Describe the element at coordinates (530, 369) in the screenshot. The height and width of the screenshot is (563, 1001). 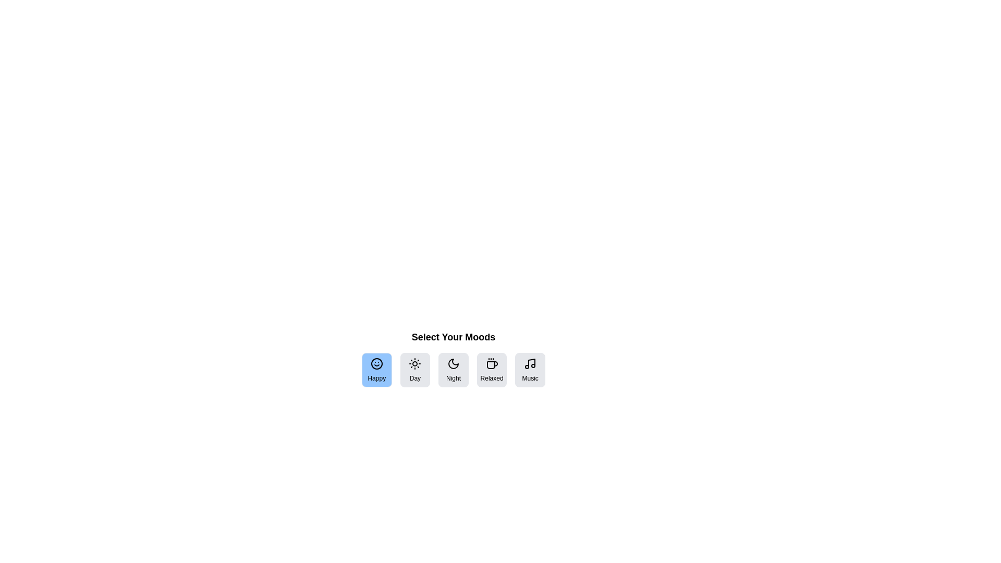
I see `the 'Music' mood button located in the bottom-right section of the interface` at that location.